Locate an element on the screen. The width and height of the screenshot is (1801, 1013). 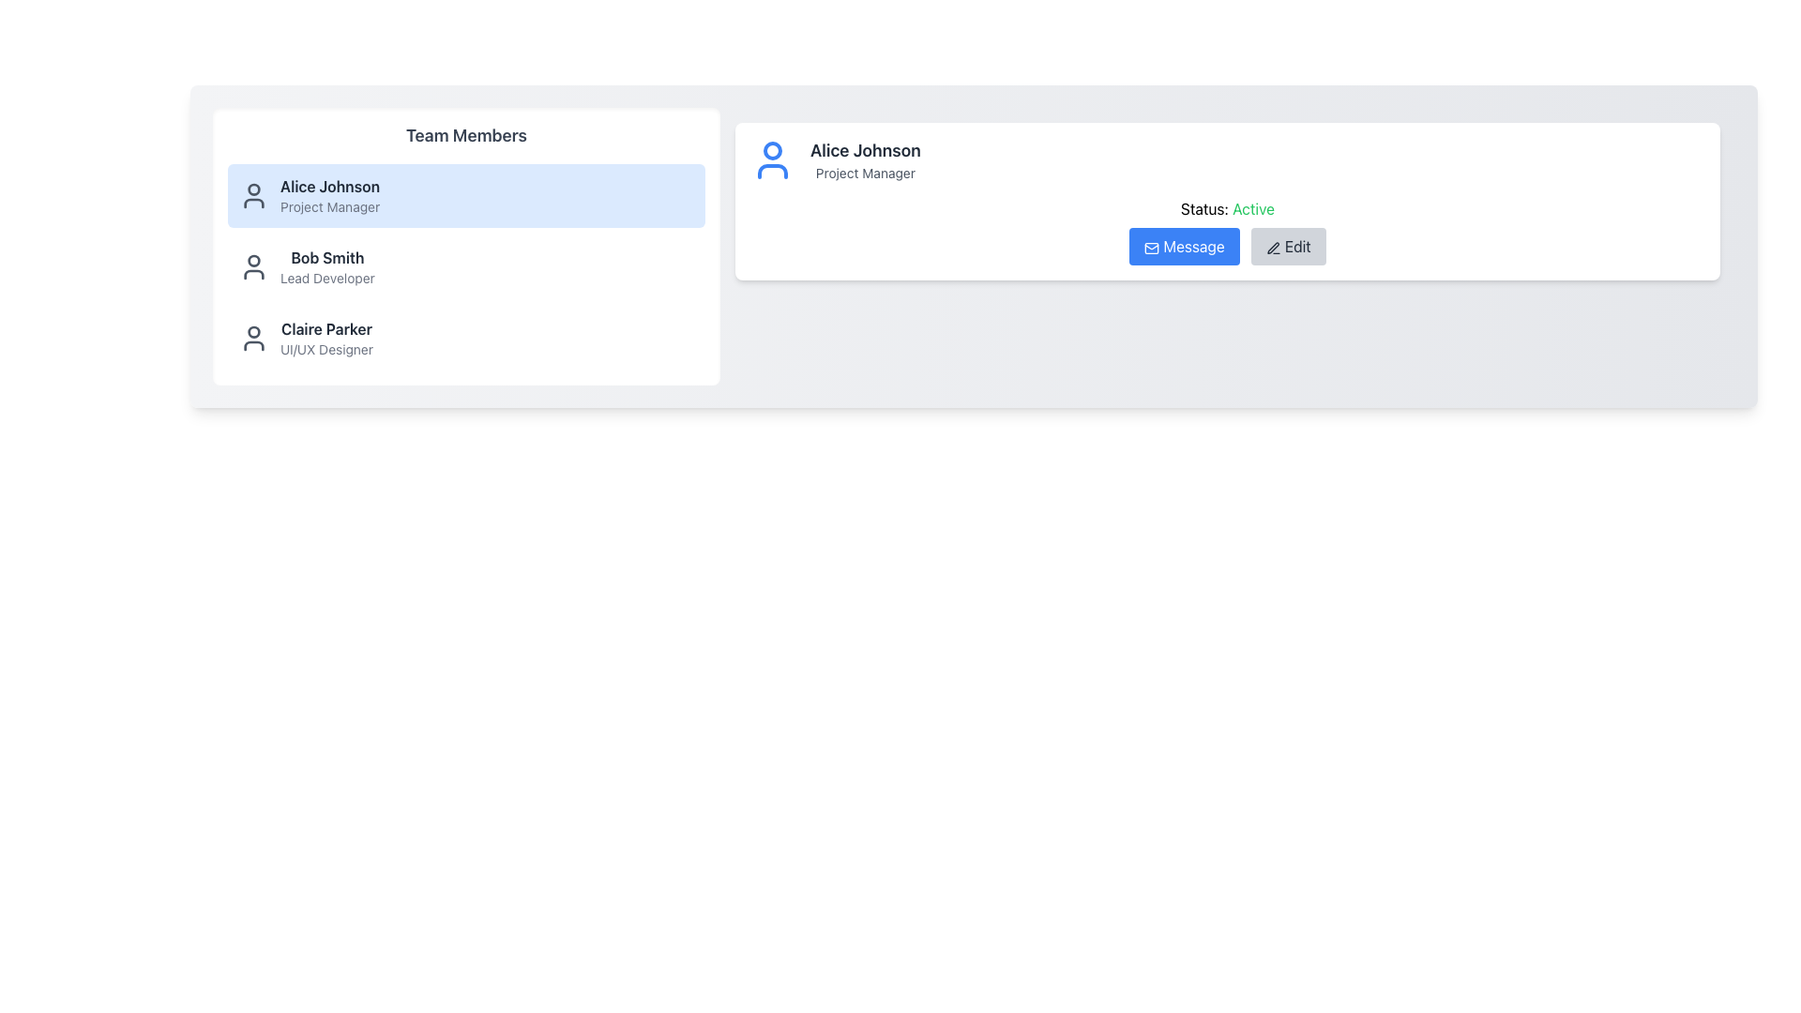
circular graphic representing the head of the user profile icon for 'Alice Johnson' in the 'Team Members' section is located at coordinates (252, 260).